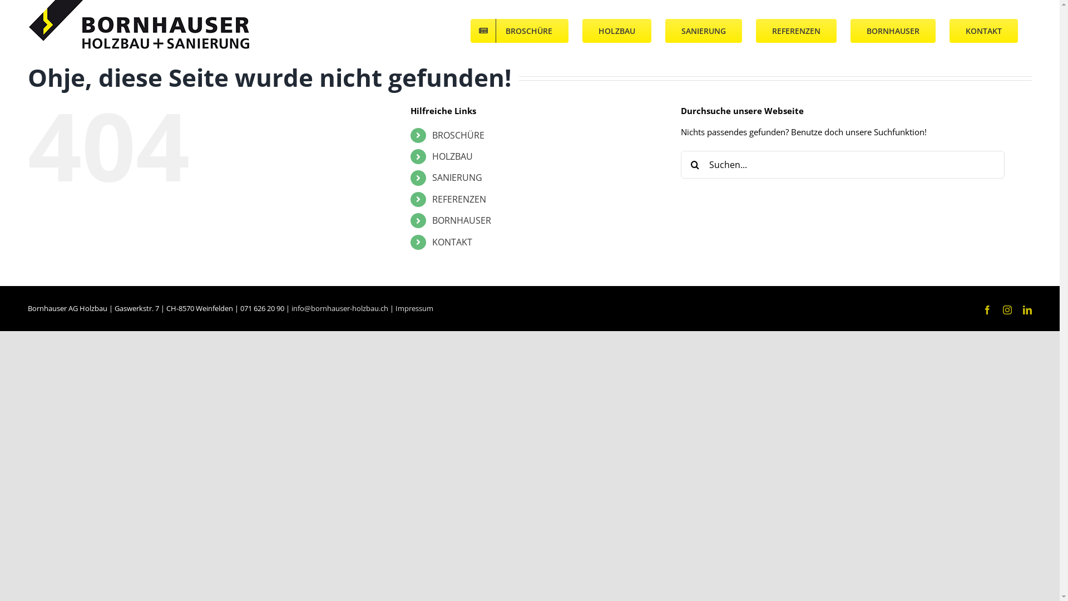 The image size is (1068, 601). Describe the element at coordinates (339, 308) in the screenshot. I see `'info@bornhauser-holzbau.ch'` at that location.